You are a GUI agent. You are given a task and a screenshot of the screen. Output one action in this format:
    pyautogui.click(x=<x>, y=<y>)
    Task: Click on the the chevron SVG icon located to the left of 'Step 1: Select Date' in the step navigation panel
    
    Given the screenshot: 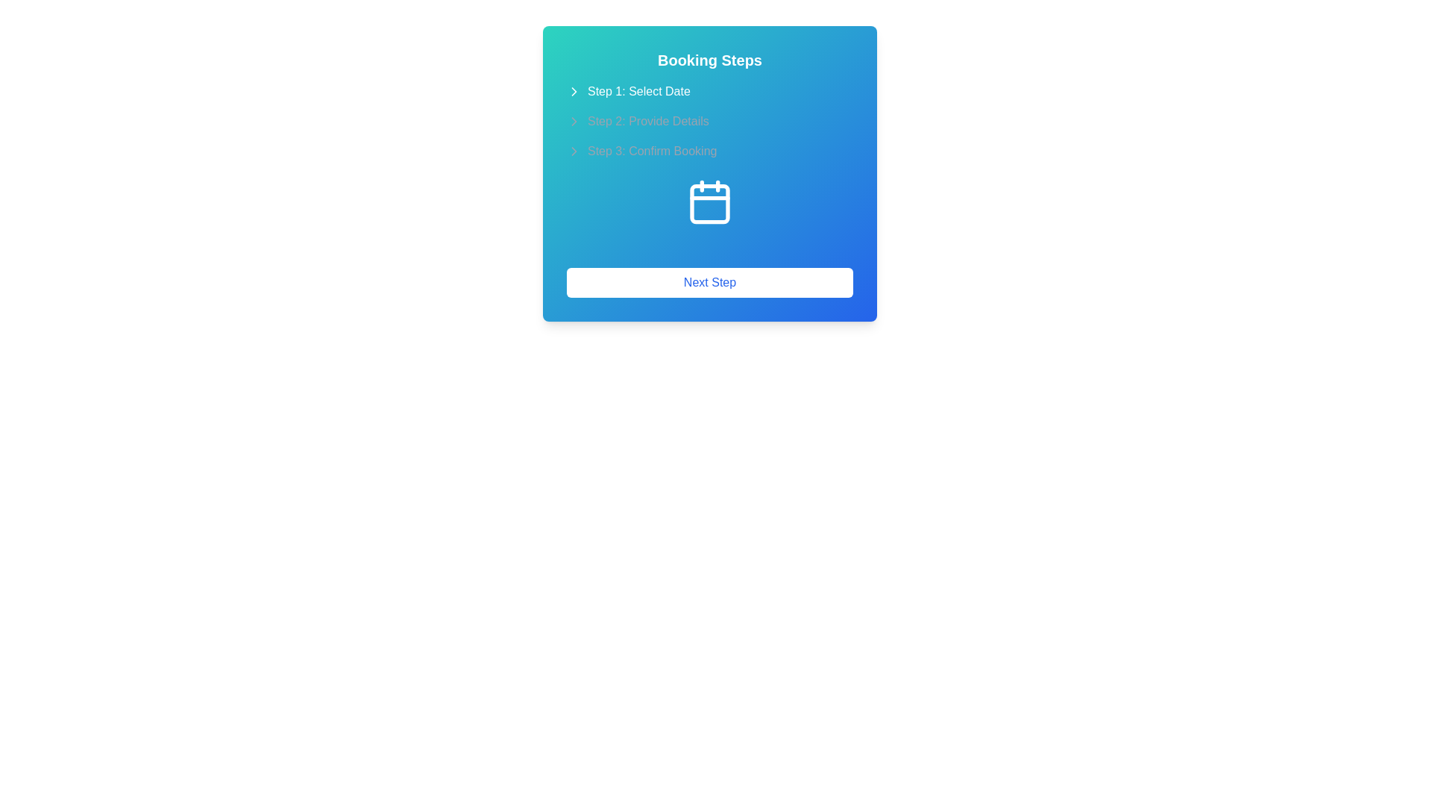 What is the action you would take?
    pyautogui.click(x=573, y=92)
    